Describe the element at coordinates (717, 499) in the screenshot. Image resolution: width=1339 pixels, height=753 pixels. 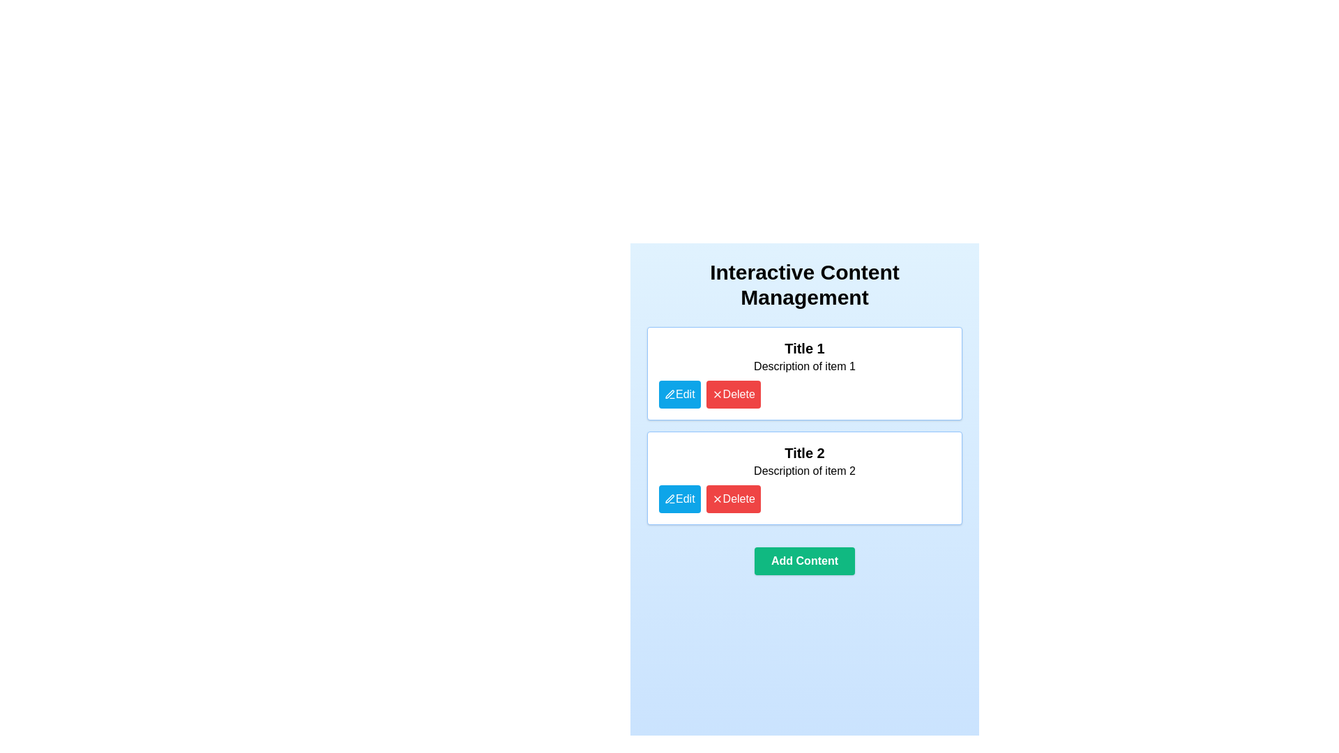
I see `the 'X' shaped icon with a red background located inside the 'Delete' button` at that location.